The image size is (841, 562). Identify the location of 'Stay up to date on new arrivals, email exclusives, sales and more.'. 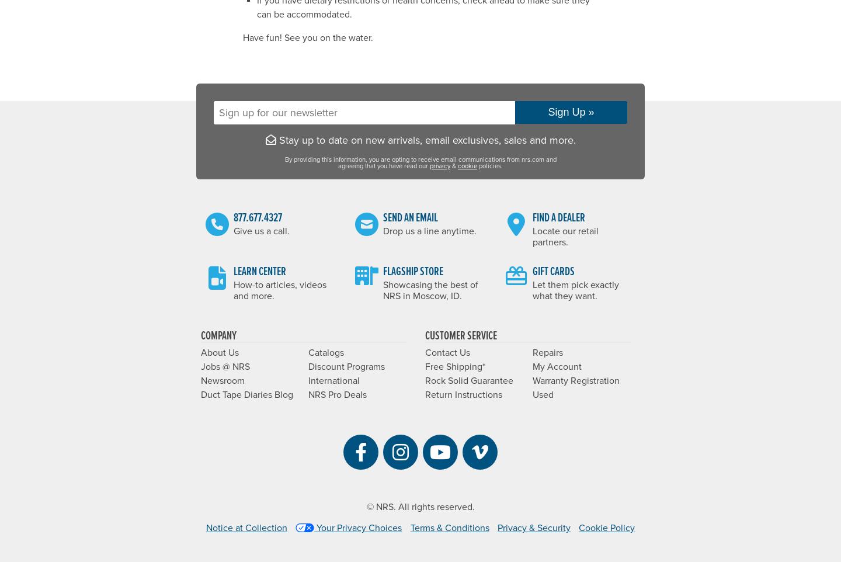
(425, 138).